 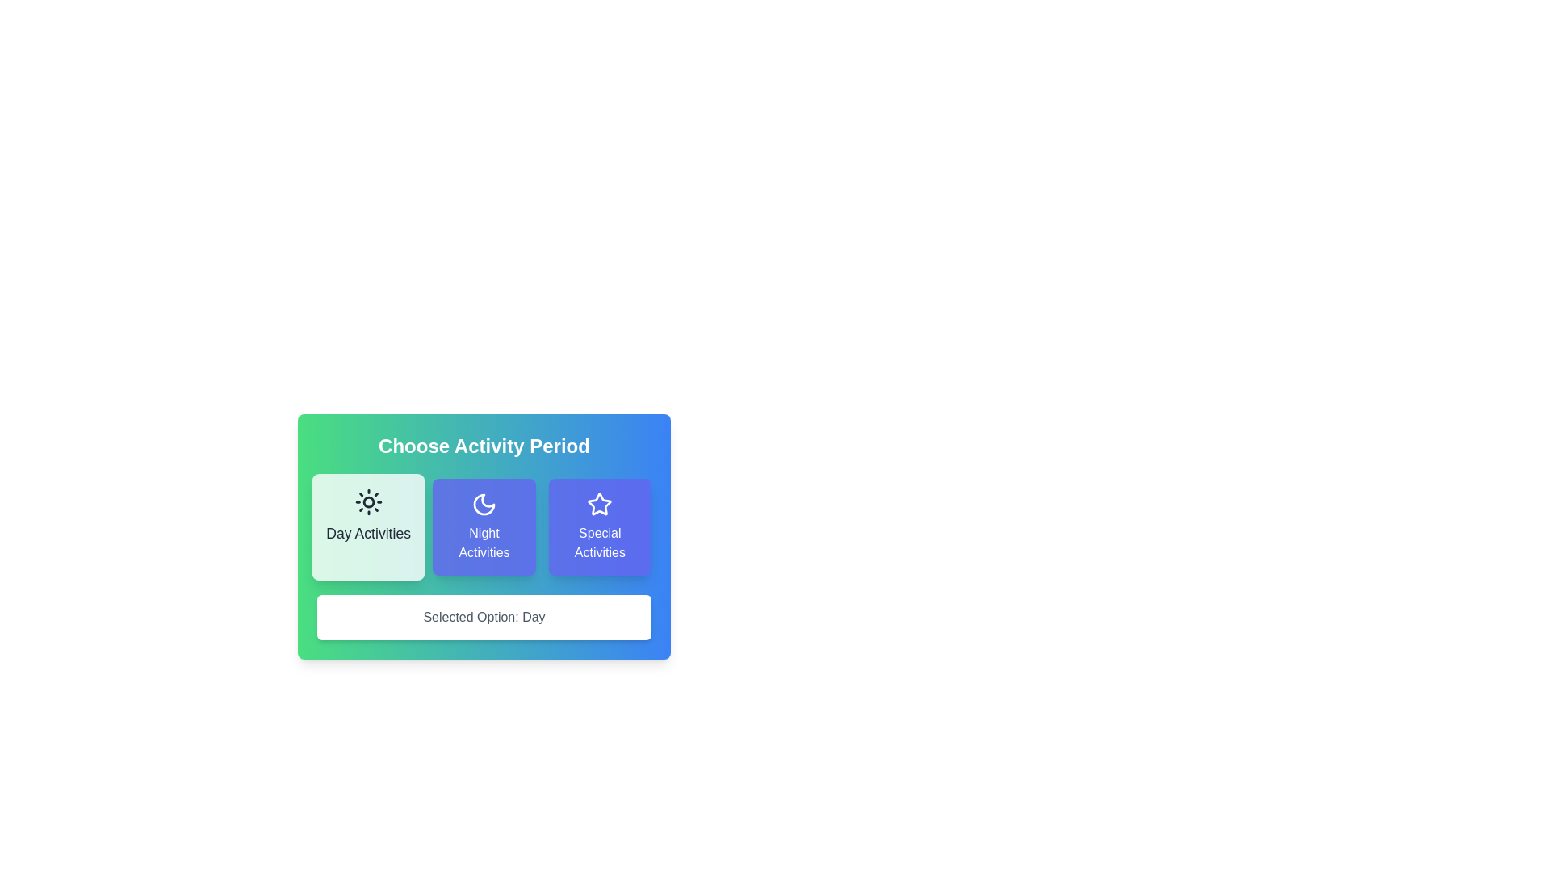 What do you see at coordinates (484, 526) in the screenshot?
I see `the 'Night Activities' button with a gradient blue background and white text` at bounding box center [484, 526].